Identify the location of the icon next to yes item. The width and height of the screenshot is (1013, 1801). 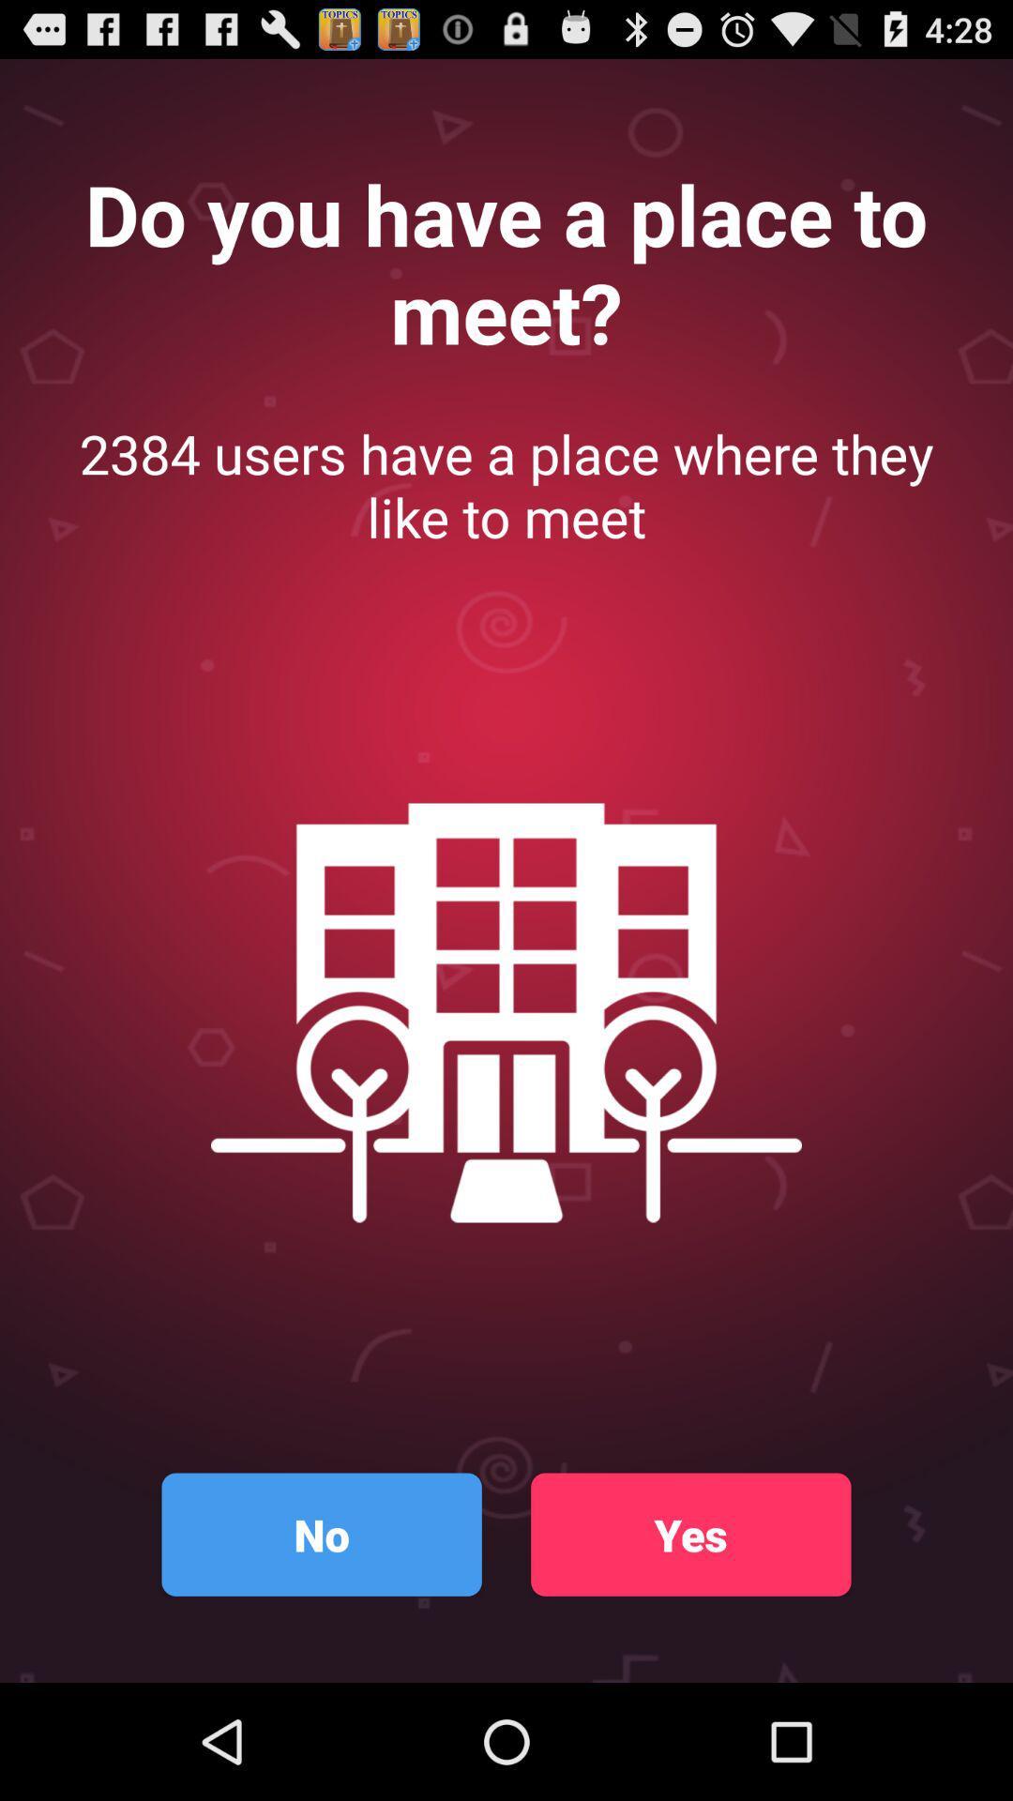
(321, 1535).